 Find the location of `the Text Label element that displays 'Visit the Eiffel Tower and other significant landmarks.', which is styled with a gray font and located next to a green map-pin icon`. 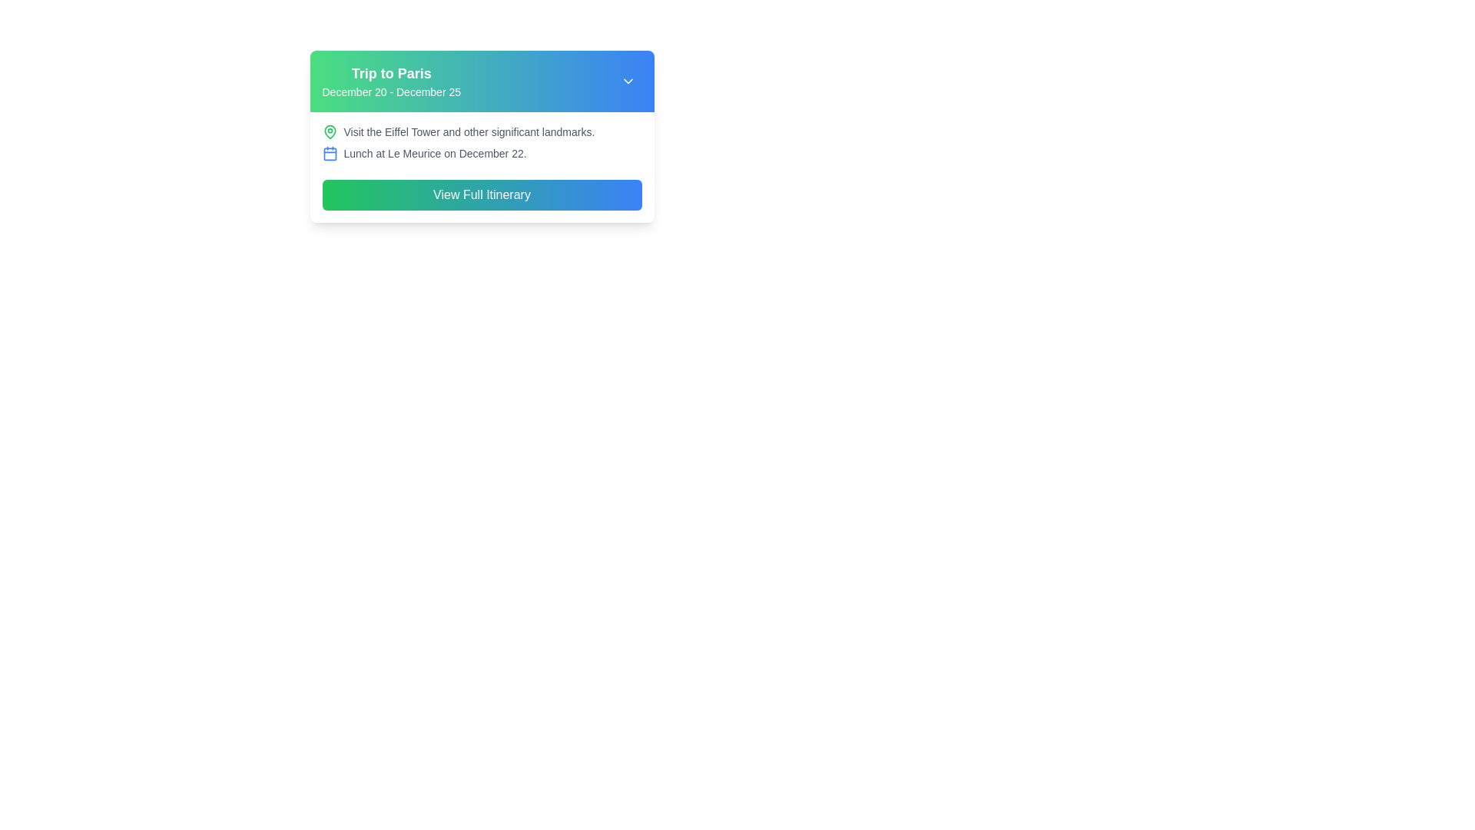

the Text Label element that displays 'Visit the Eiffel Tower and other significant landmarks.', which is styled with a gray font and located next to a green map-pin icon is located at coordinates (468, 131).